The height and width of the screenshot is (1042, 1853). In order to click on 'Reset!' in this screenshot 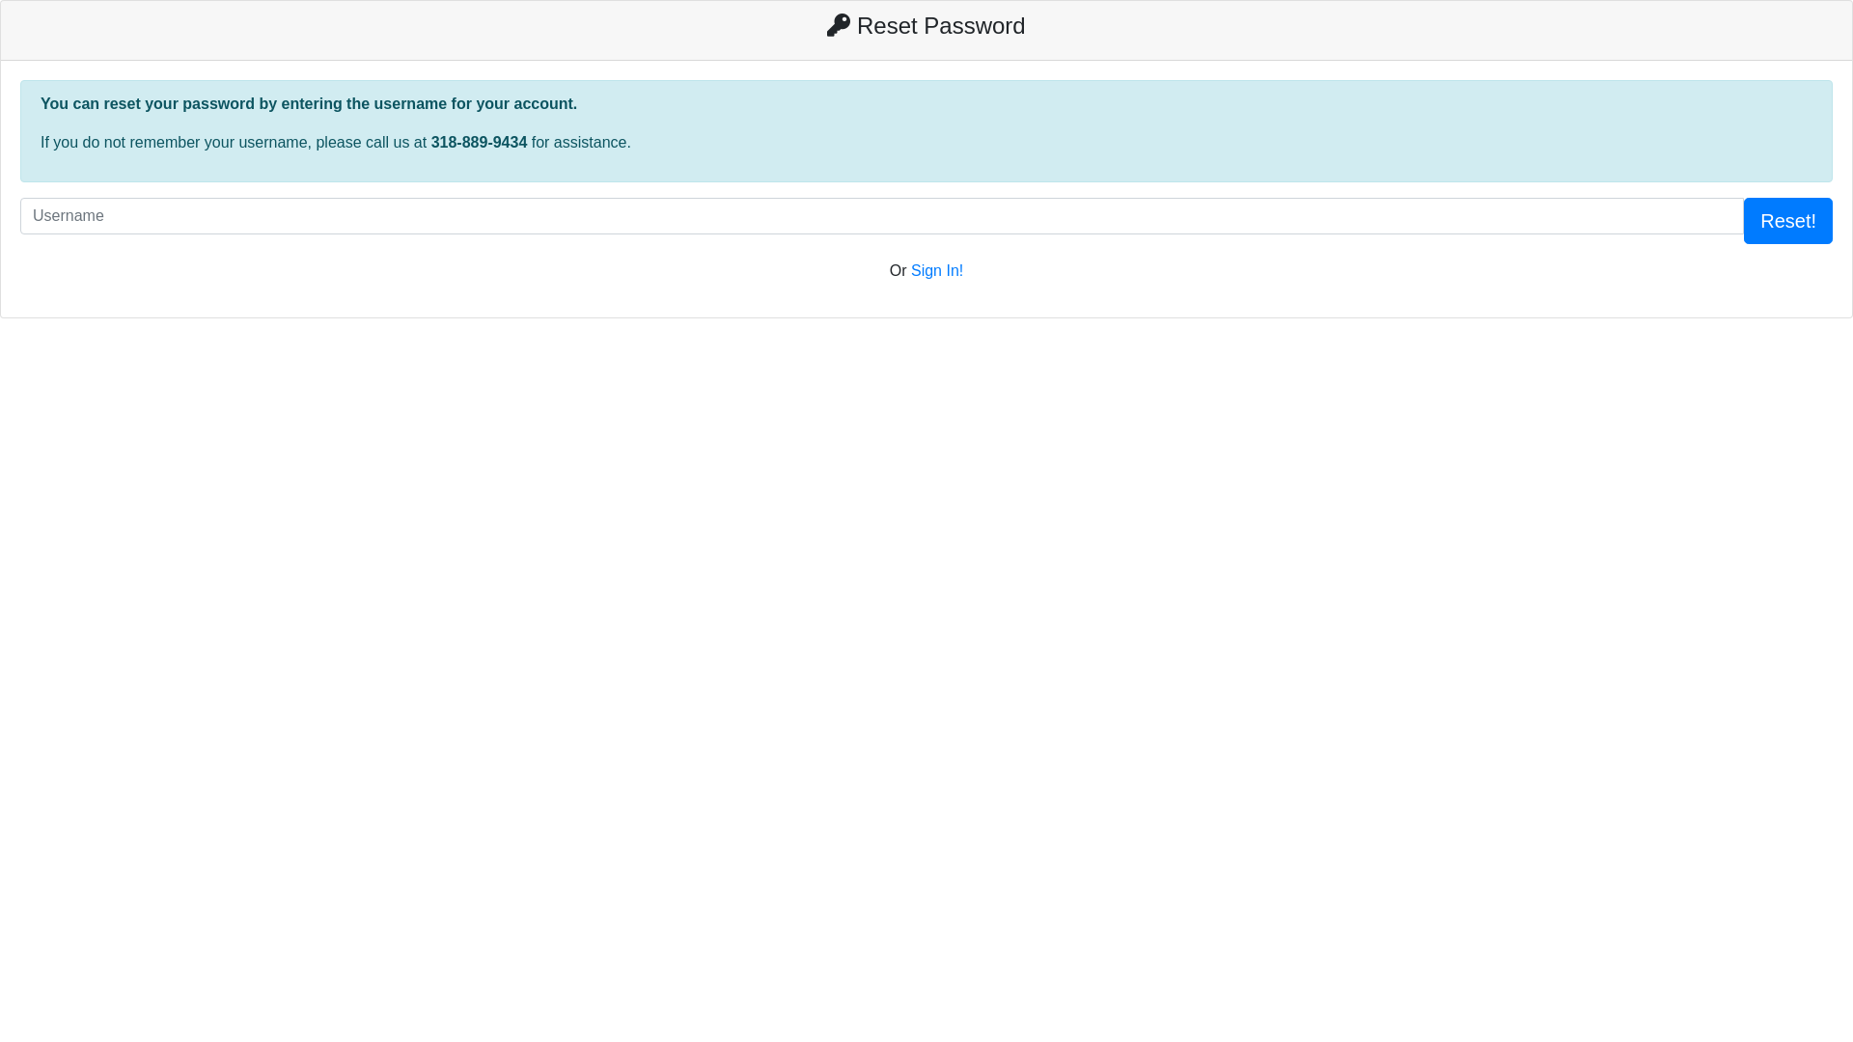, I will do `click(1786, 219)`.